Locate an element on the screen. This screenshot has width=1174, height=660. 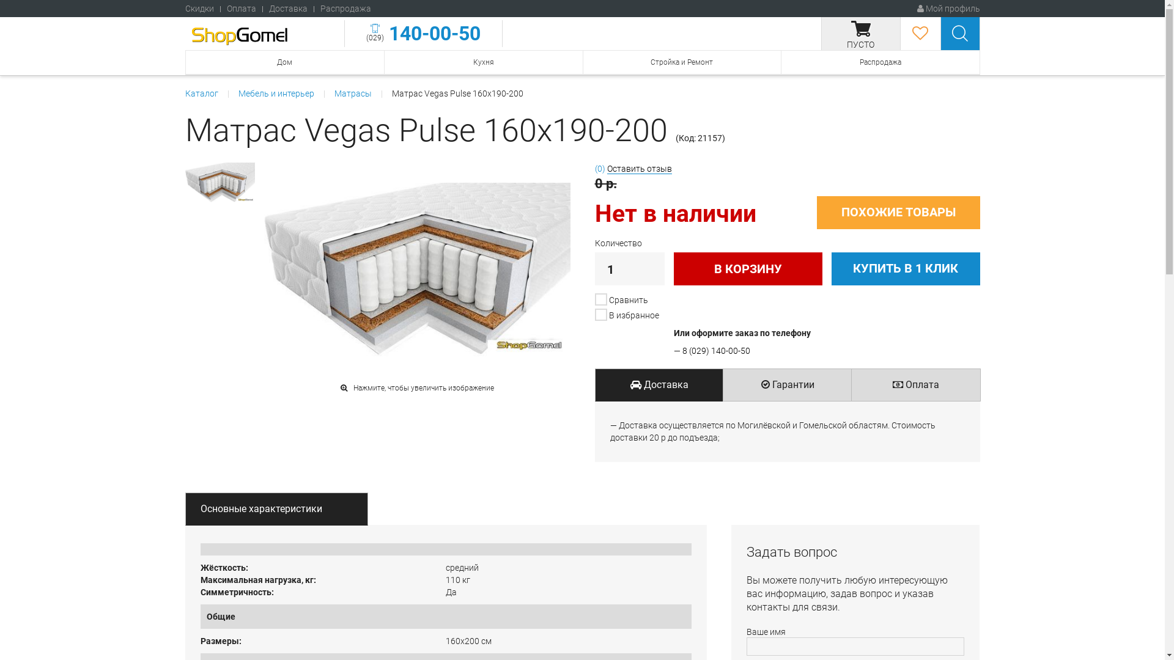
'140-00-50' is located at coordinates (432, 32).